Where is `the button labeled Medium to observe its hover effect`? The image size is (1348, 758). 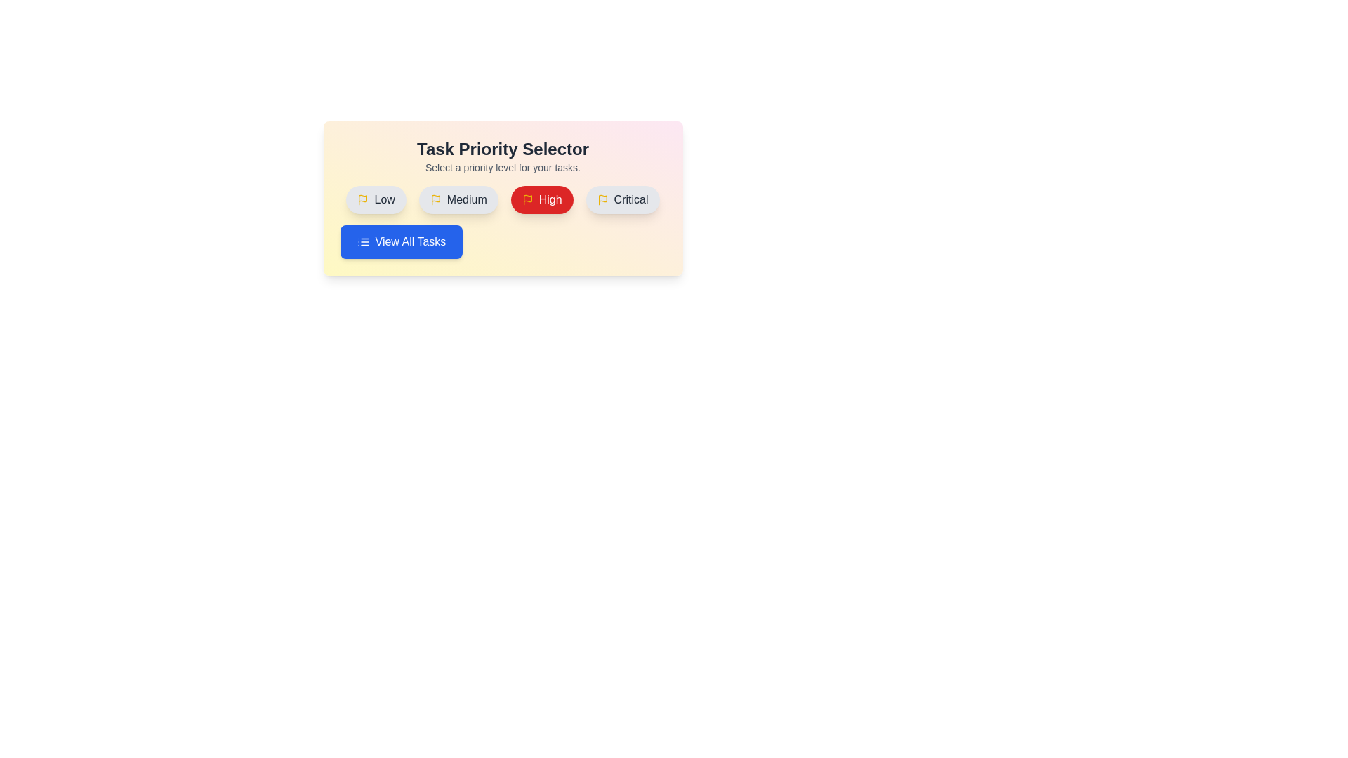
the button labeled Medium to observe its hover effect is located at coordinates (458, 200).